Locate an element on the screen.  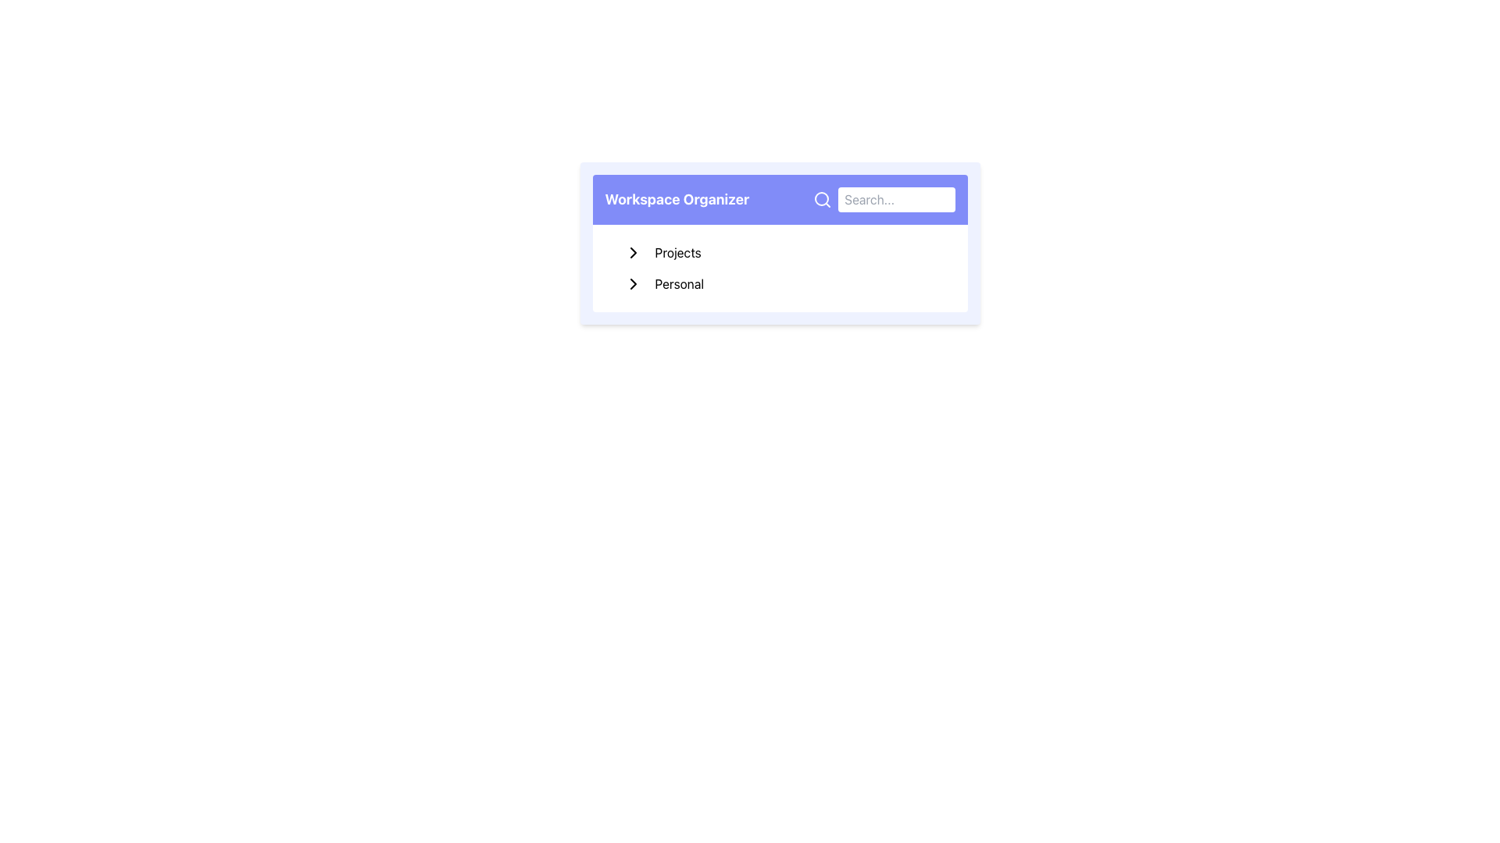
the expandable/collapsible menu icon located to the left of the 'Projects' text is located at coordinates (633, 252).